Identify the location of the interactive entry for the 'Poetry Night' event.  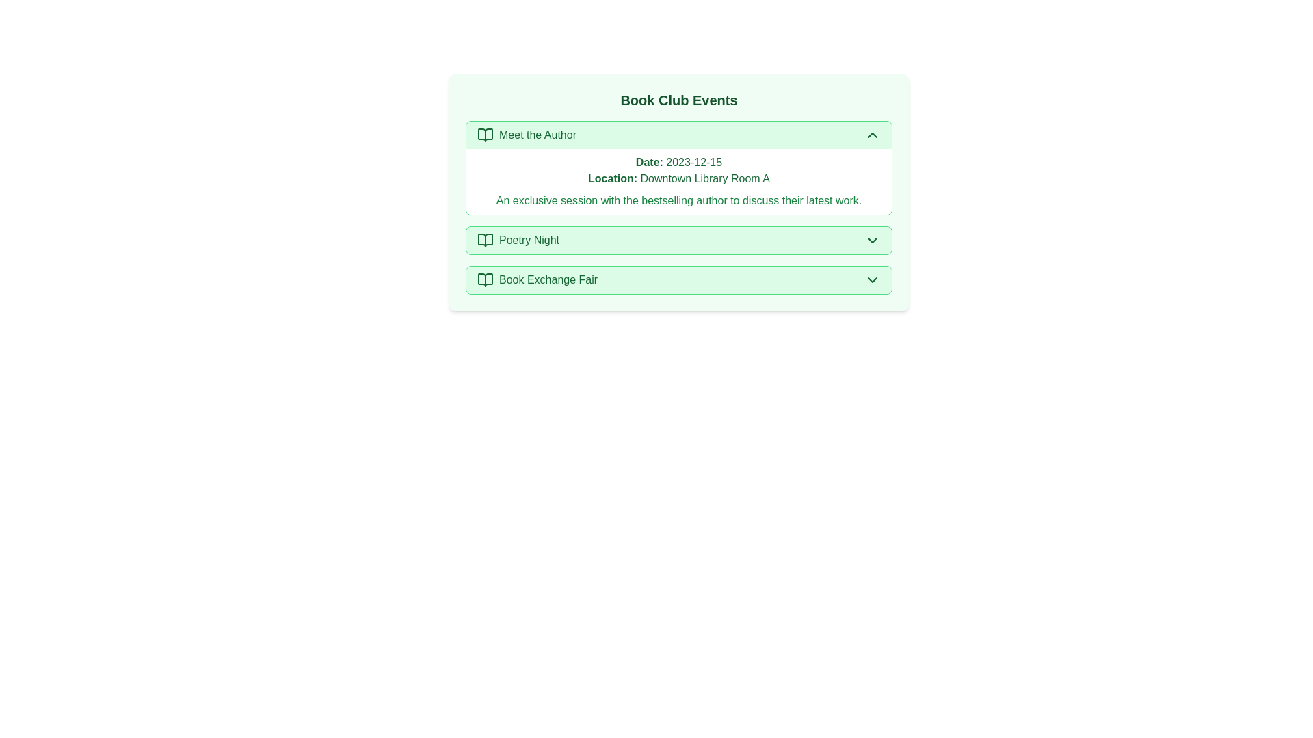
(679, 239).